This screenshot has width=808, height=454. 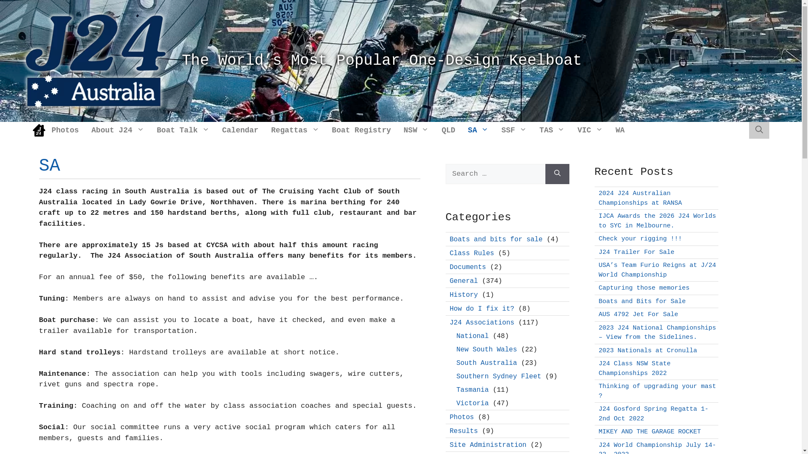 What do you see at coordinates (361, 130) in the screenshot?
I see `'Boat Registry'` at bounding box center [361, 130].